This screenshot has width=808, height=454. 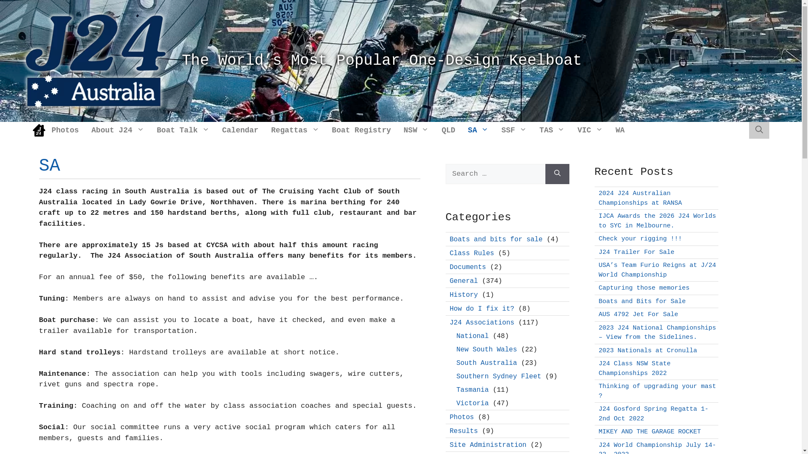 What do you see at coordinates (361, 130) in the screenshot?
I see `'Boat Registry'` at bounding box center [361, 130].